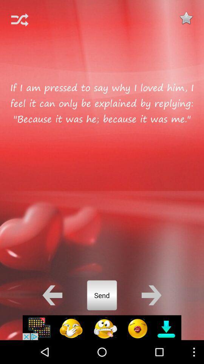 The width and height of the screenshot is (204, 364). I want to click on button, so click(185, 17).